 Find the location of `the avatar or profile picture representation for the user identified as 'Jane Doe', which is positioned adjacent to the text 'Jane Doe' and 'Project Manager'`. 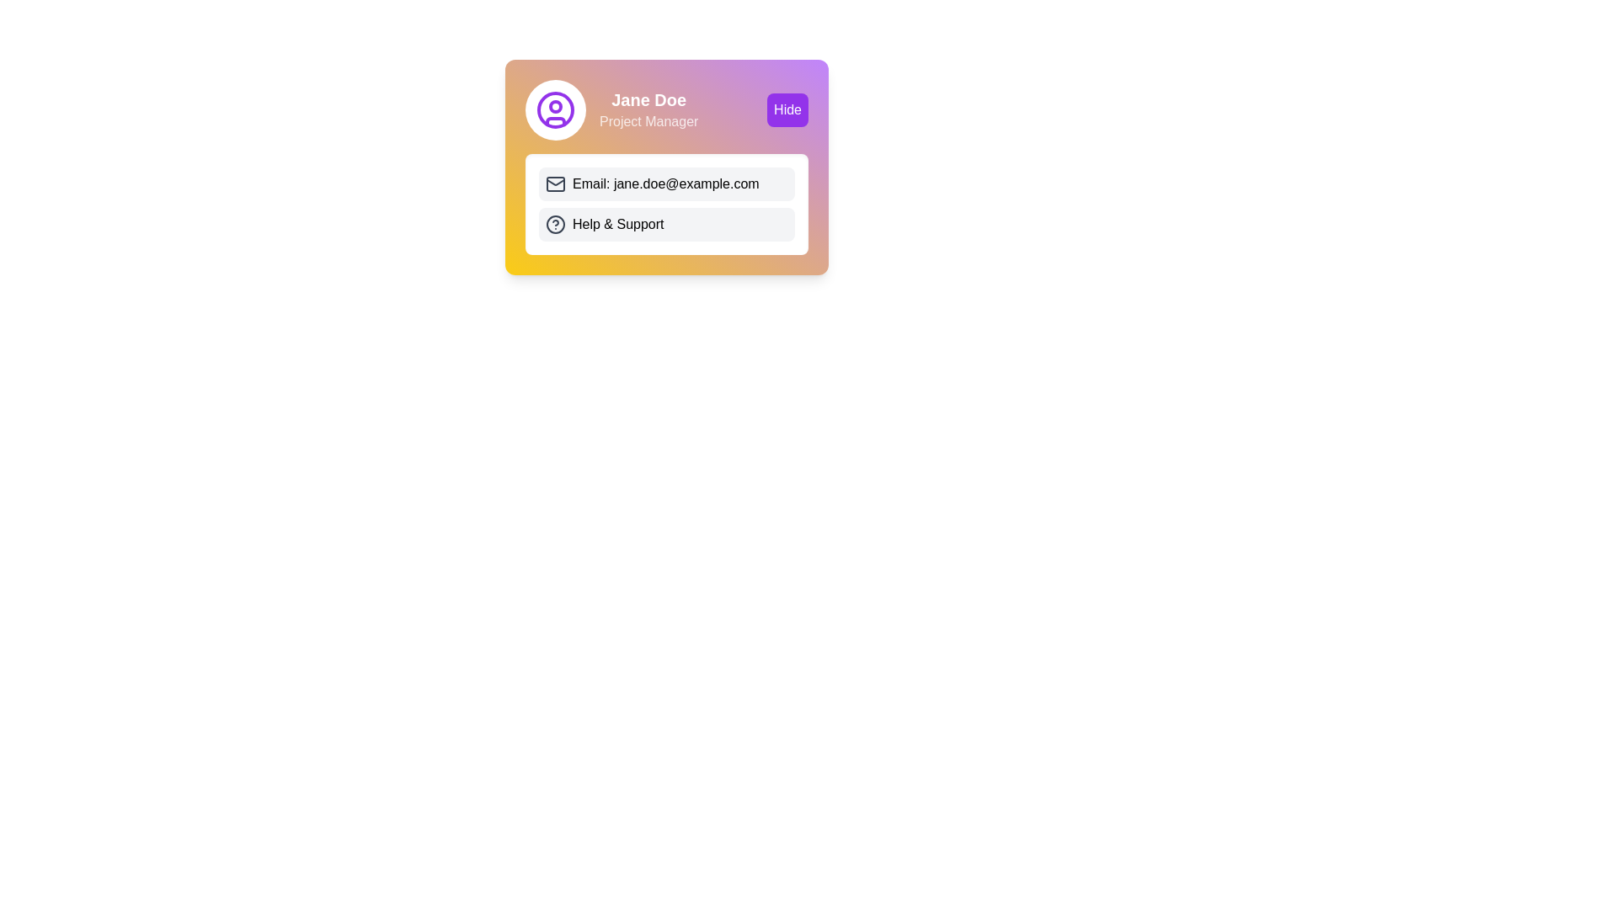

the avatar or profile picture representation for the user identified as 'Jane Doe', which is positioned adjacent to the text 'Jane Doe' and 'Project Manager' is located at coordinates (556, 110).